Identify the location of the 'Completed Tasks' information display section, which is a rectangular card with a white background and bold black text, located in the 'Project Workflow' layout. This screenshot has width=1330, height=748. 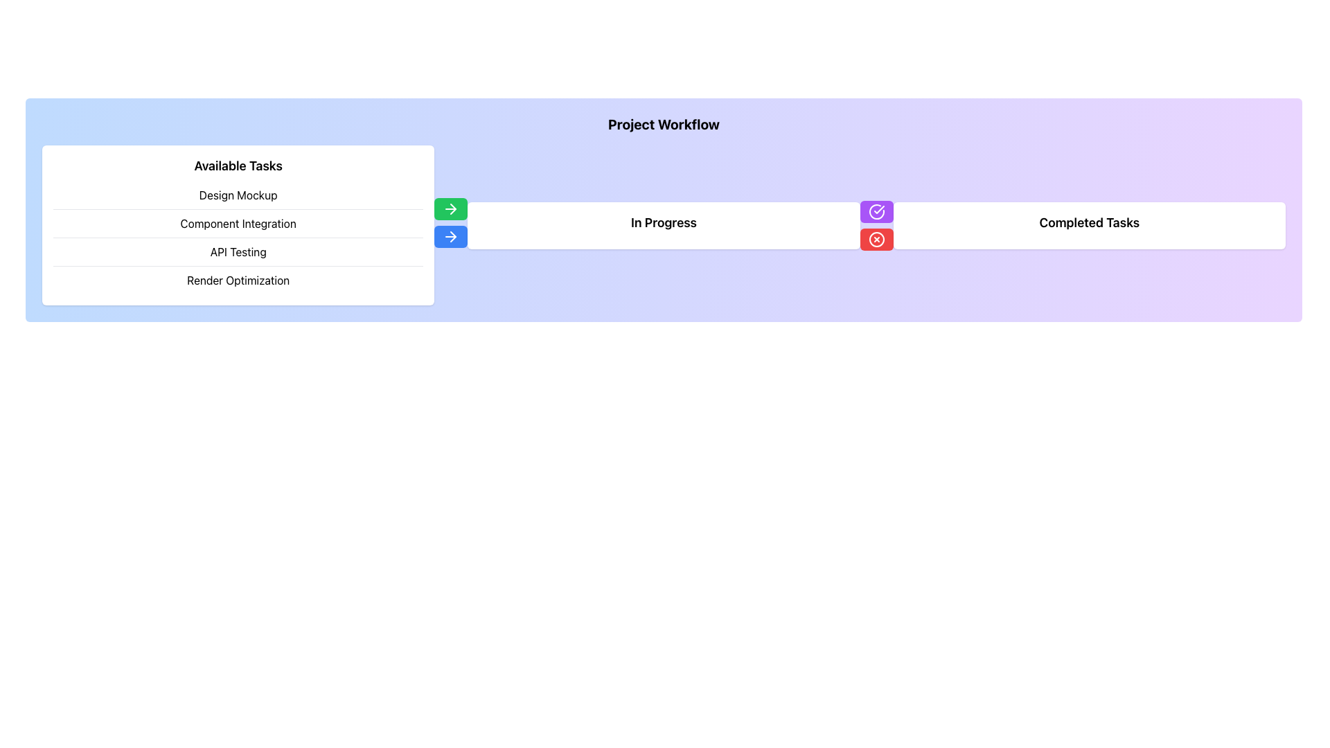
(1088, 224).